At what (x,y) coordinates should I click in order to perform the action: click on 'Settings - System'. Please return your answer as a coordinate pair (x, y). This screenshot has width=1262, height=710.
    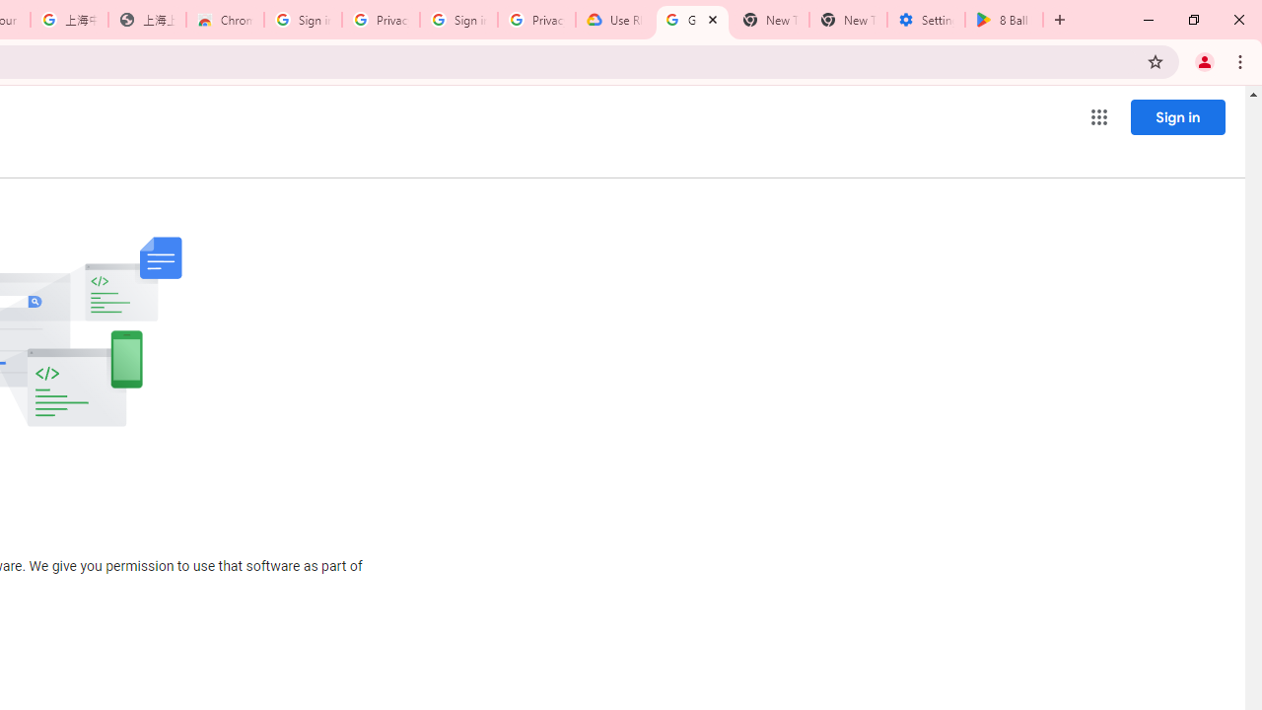
    Looking at the image, I should click on (925, 20).